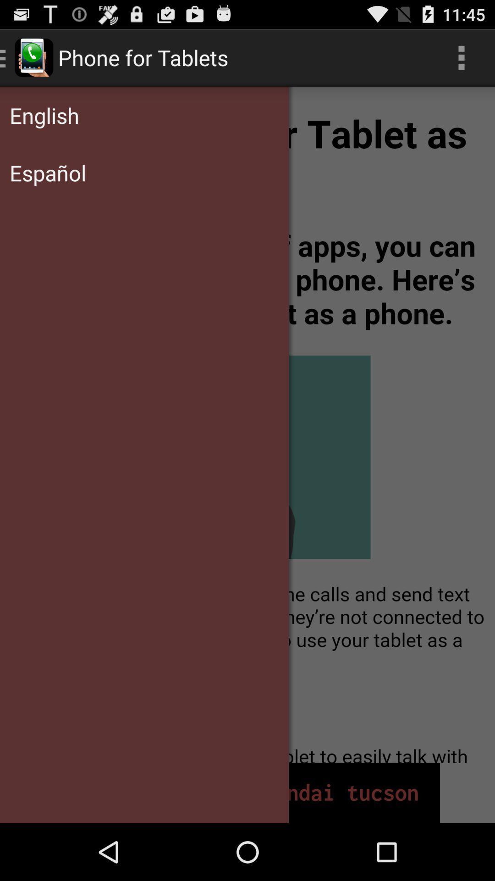  I want to click on main content window, so click(247, 424).